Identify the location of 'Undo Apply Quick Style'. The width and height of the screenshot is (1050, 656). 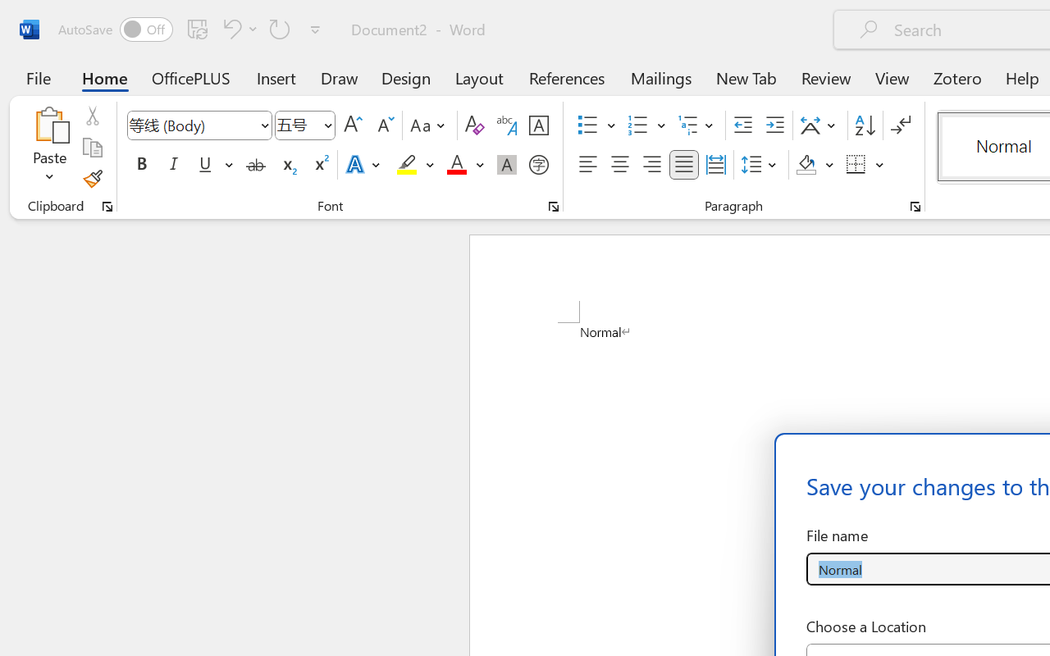
(229, 28).